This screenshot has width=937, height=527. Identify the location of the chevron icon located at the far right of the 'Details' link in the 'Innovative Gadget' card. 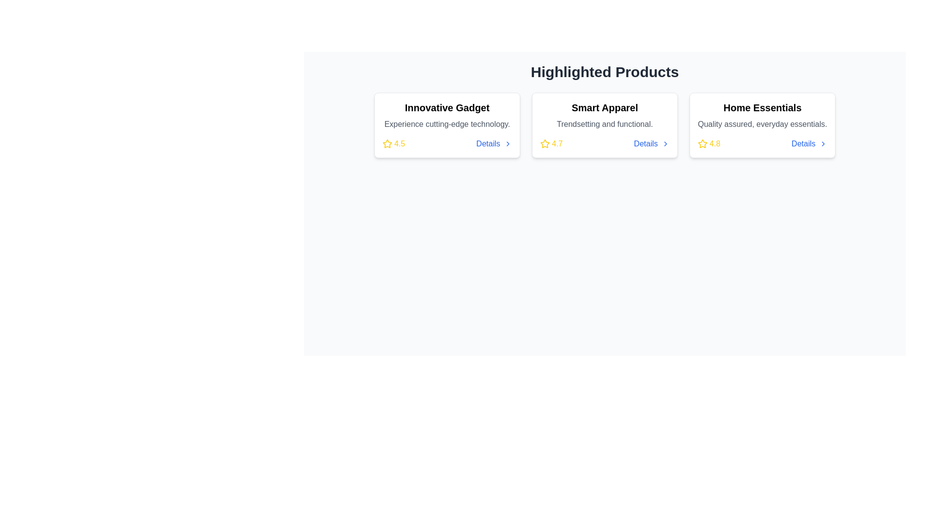
(508, 143).